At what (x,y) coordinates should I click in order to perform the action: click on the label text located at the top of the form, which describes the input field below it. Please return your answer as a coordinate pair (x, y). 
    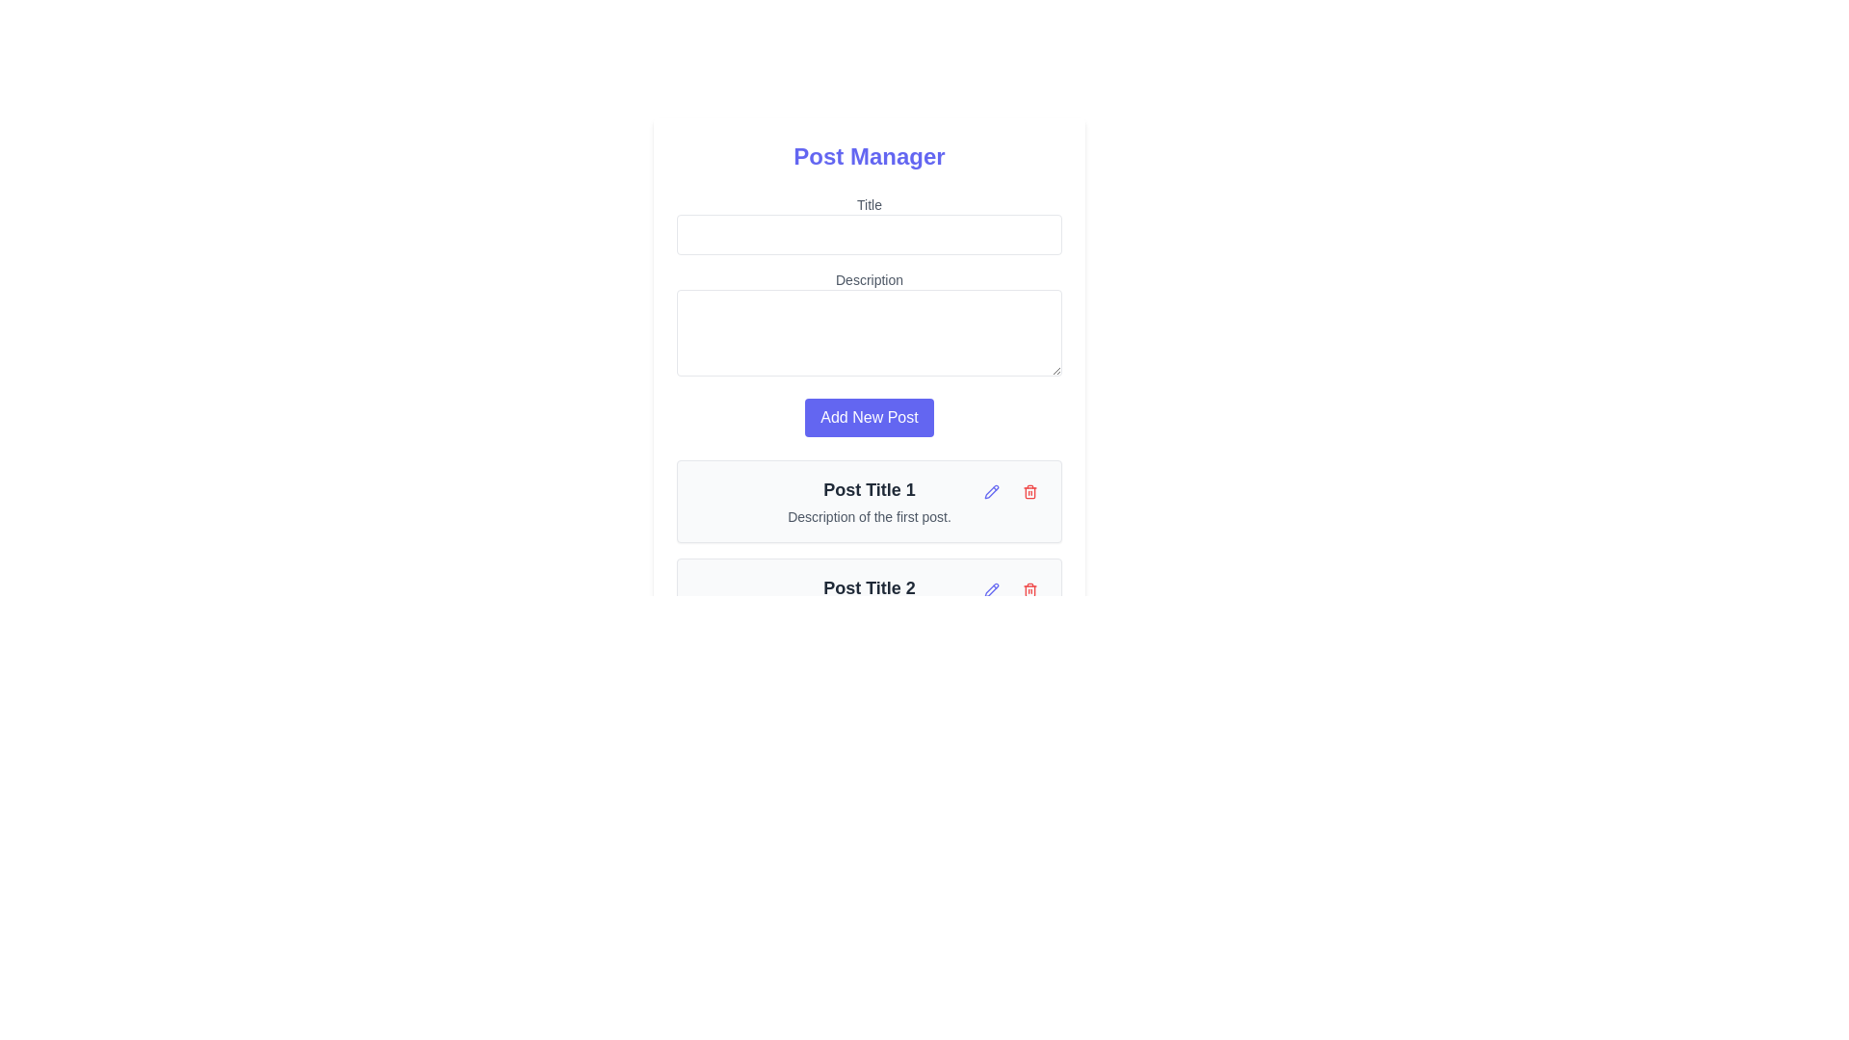
    Looking at the image, I should click on (868, 204).